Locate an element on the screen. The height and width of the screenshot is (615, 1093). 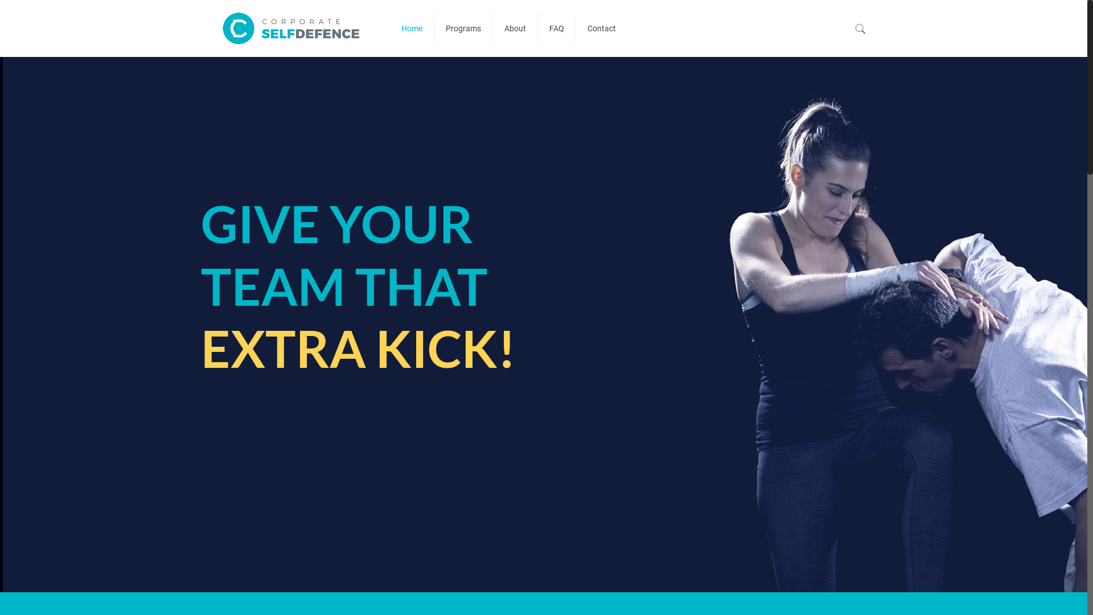
'FAQ' is located at coordinates (557, 28).